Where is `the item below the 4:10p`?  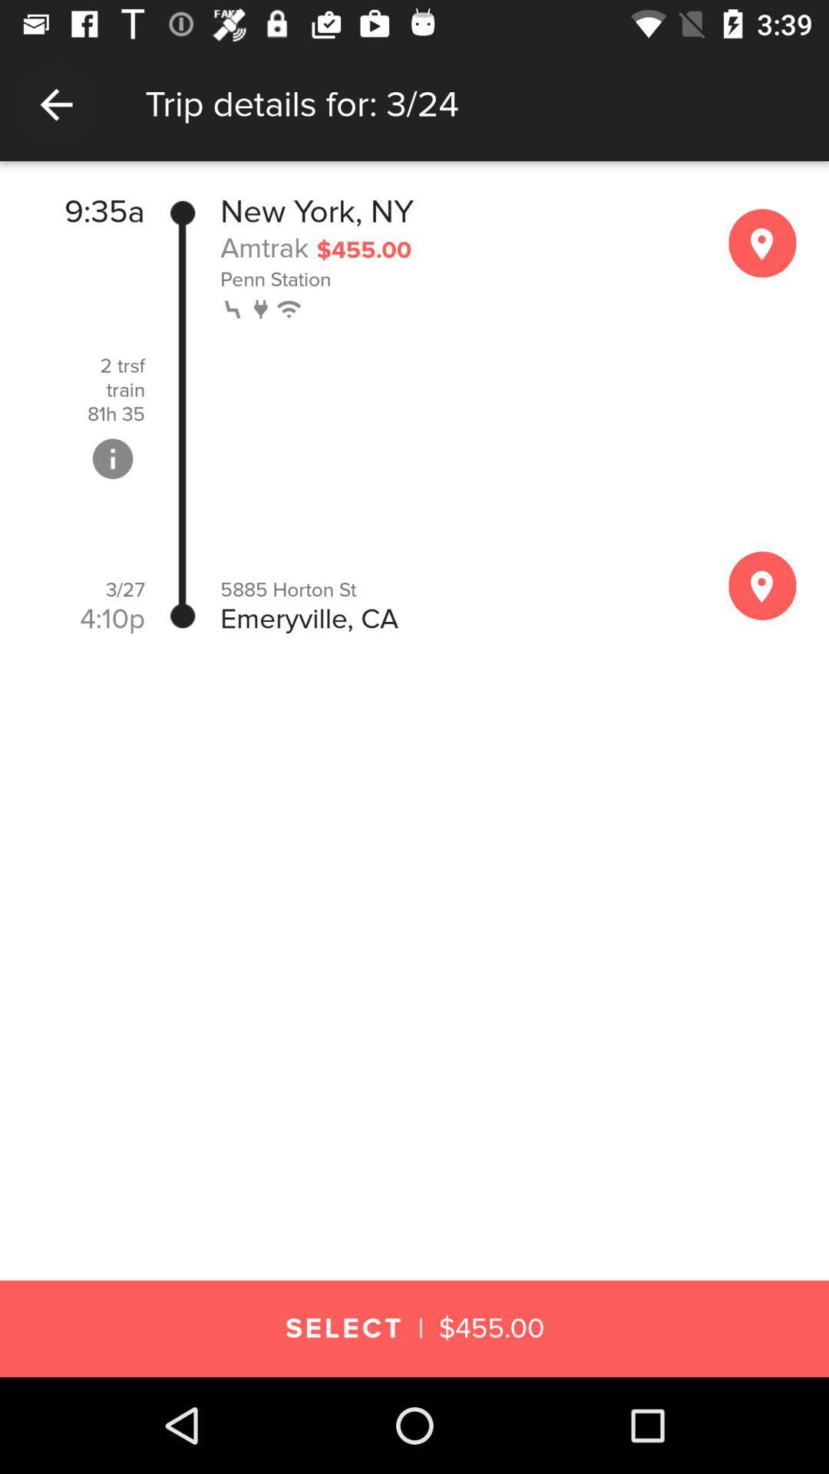
the item below the 4:10p is located at coordinates (414, 652).